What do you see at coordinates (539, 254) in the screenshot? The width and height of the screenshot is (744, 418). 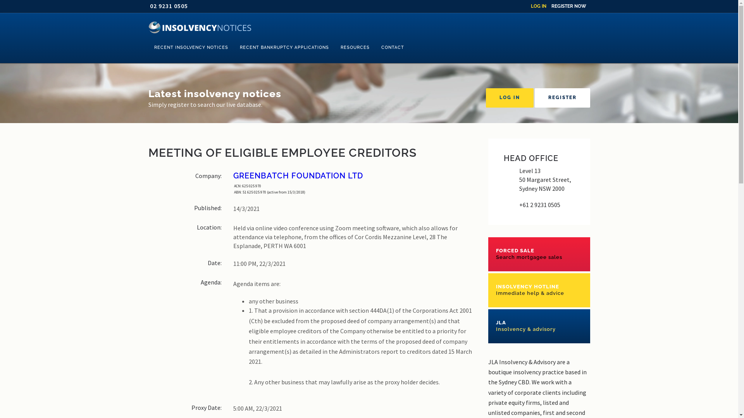 I see `'FORCED SALE` at bounding box center [539, 254].